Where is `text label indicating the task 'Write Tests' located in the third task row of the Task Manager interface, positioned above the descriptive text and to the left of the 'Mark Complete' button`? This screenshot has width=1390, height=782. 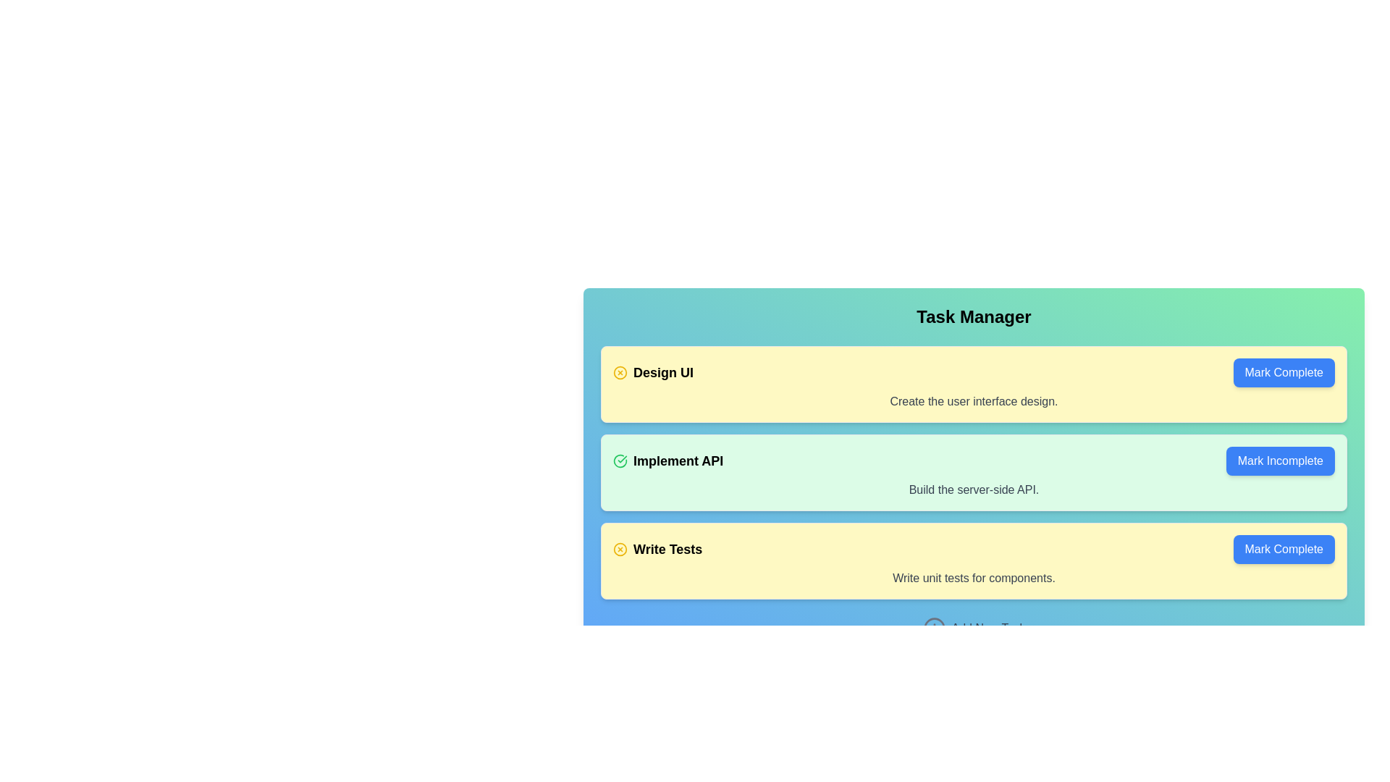
text label indicating the task 'Write Tests' located in the third task row of the Task Manager interface, positioned above the descriptive text and to the left of the 'Mark Complete' button is located at coordinates (657, 550).